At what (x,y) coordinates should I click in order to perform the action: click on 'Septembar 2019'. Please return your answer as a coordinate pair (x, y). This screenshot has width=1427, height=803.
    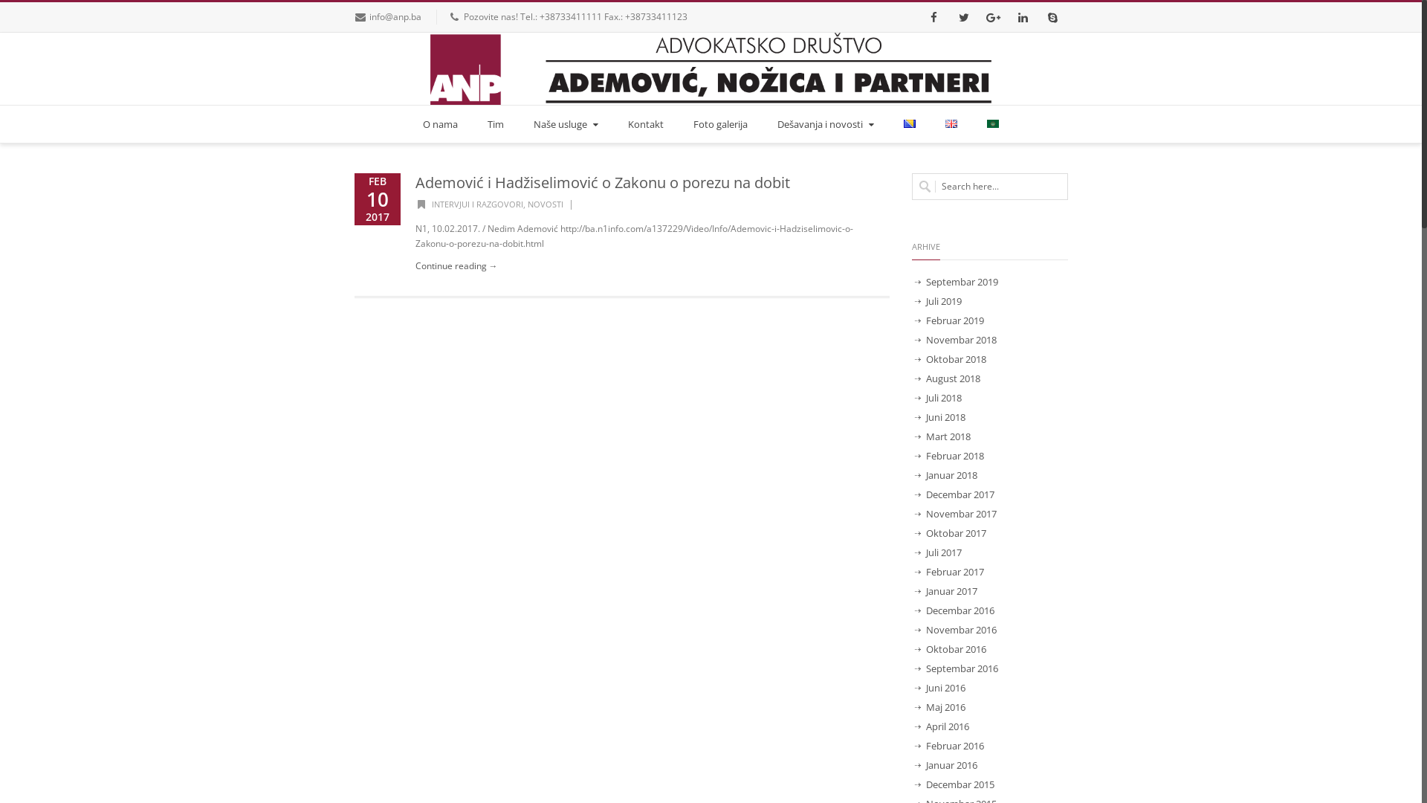
    Looking at the image, I should click on (957, 281).